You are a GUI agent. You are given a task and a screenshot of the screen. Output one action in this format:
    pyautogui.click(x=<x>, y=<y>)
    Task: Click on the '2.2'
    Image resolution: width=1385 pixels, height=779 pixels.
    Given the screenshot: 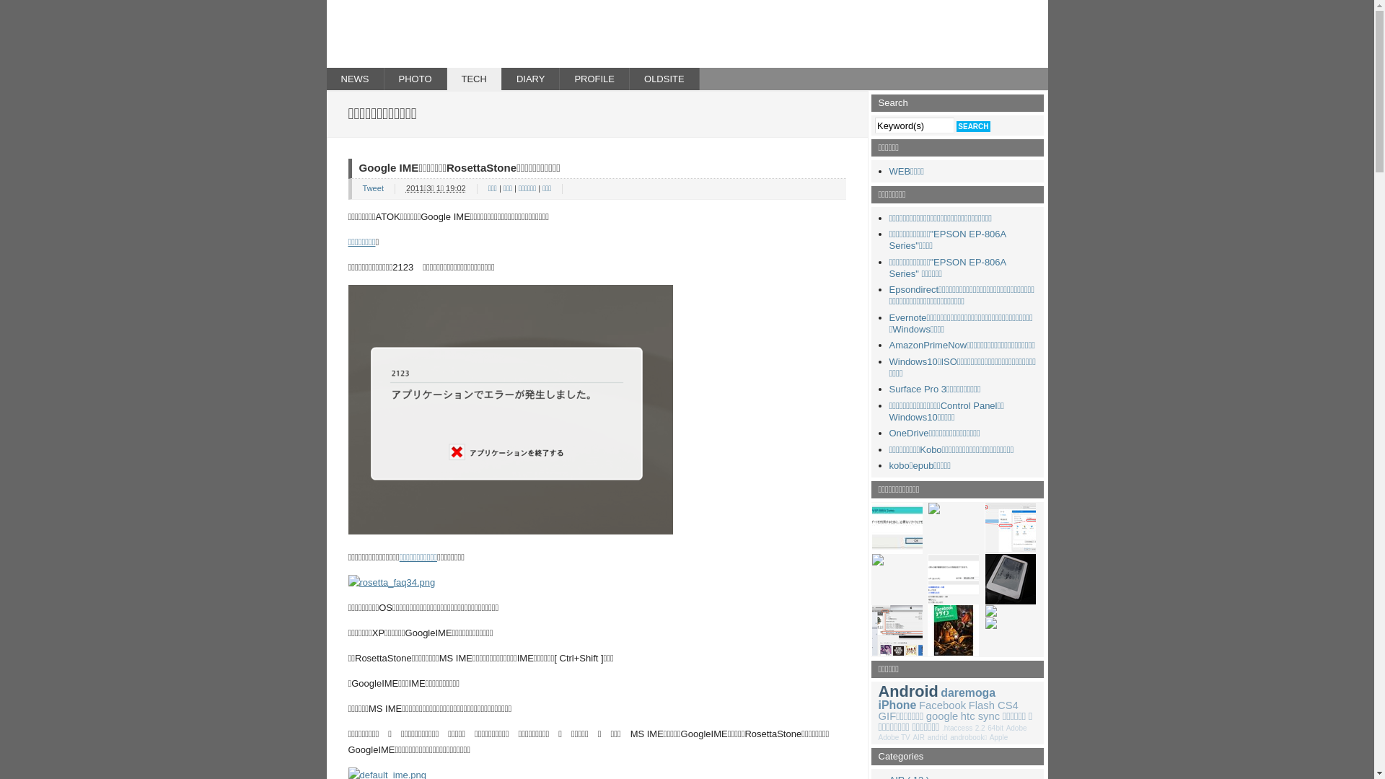 What is the action you would take?
    pyautogui.click(x=980, y=728)
    